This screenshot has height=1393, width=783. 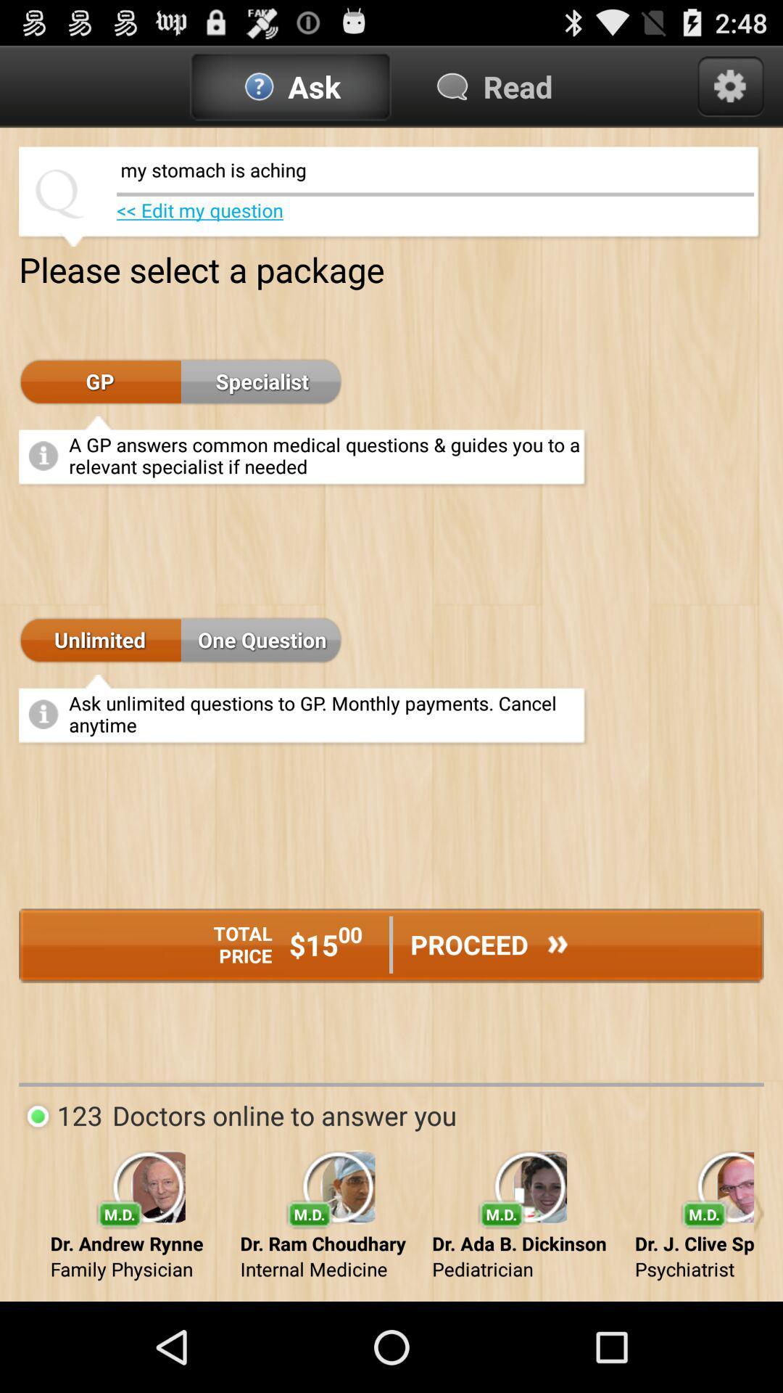 What do you see at coordinates (262, 640) in the screenshot?
I see `the icon to the right of the unlimited icon` at bounding box center [262, 640].